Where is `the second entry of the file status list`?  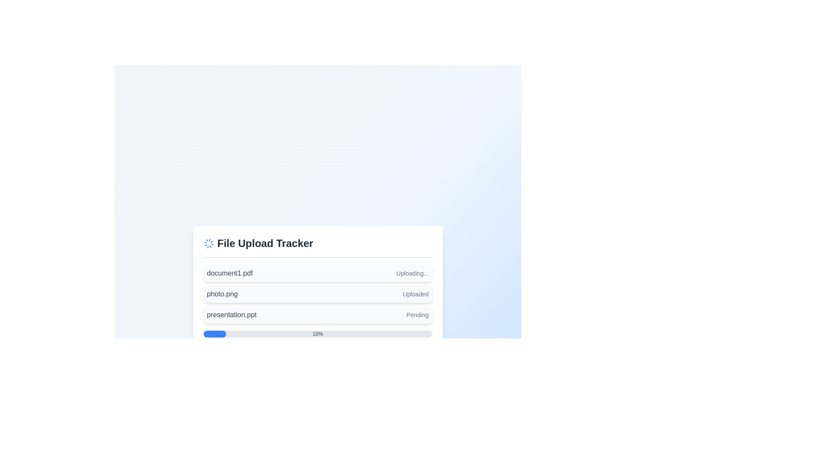
the second entry of the file status list is located at coordinates (317, 293).